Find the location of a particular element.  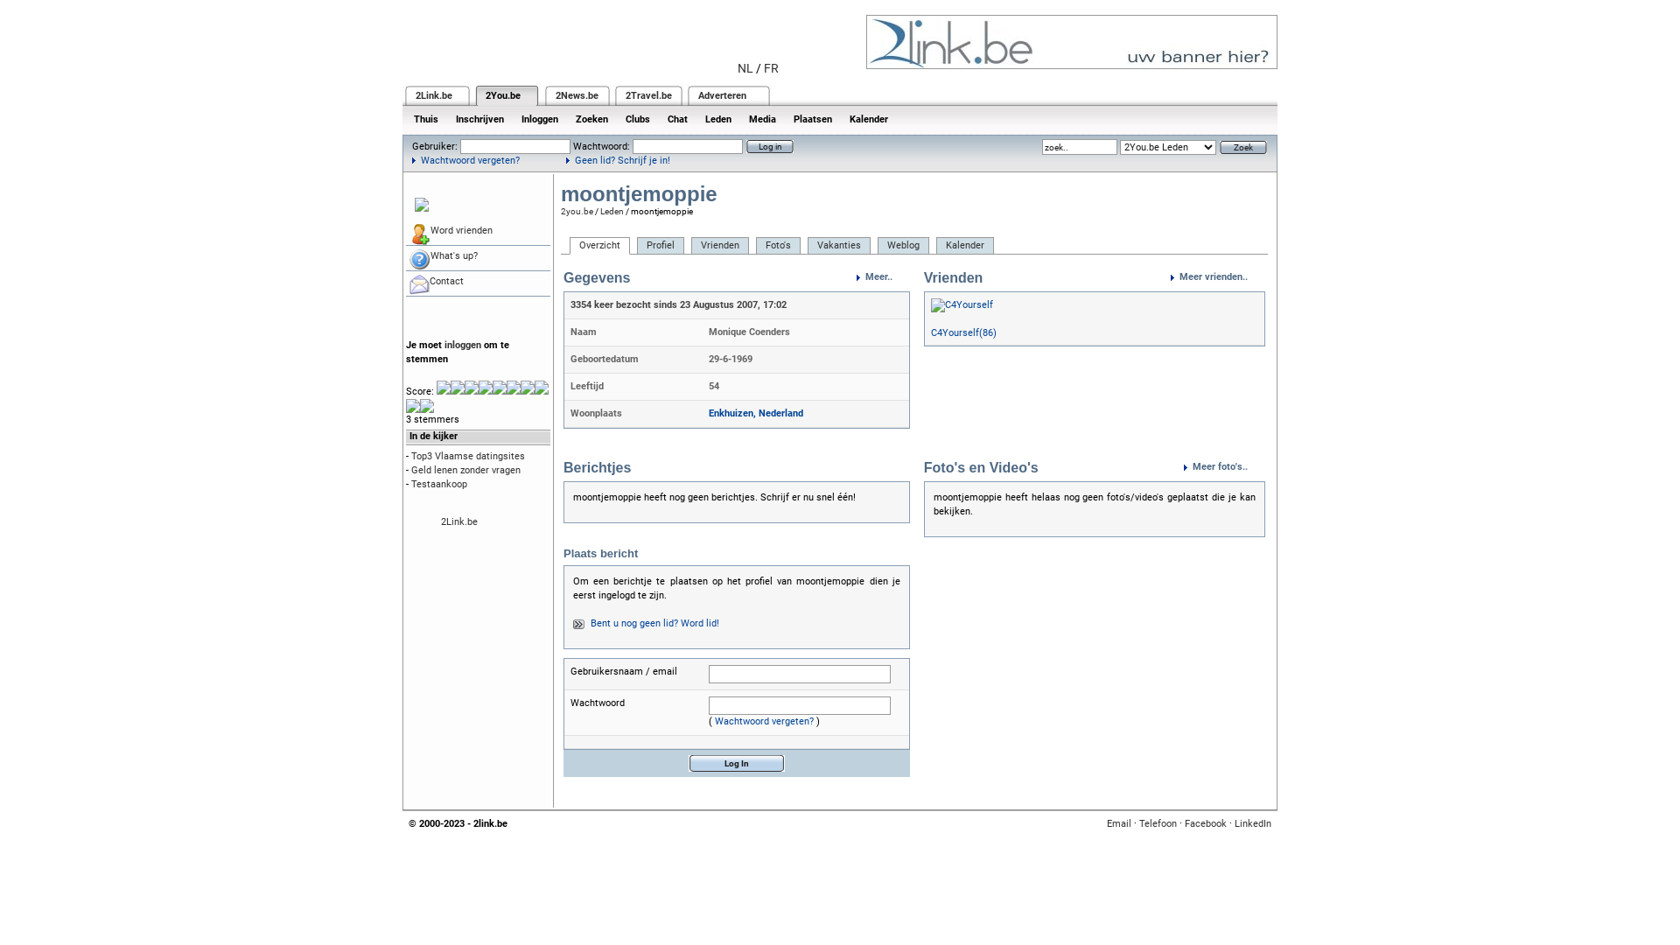

'Inloggen' is located at coordinates (539, 118).